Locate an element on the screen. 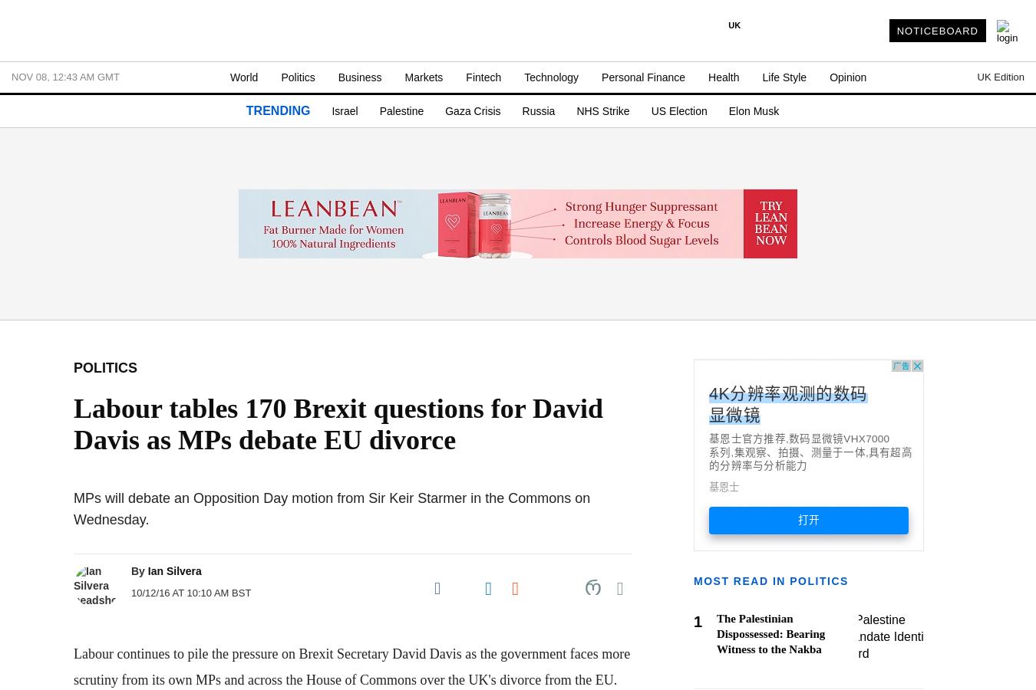  '- SME' is located at coordinates (33, 384).